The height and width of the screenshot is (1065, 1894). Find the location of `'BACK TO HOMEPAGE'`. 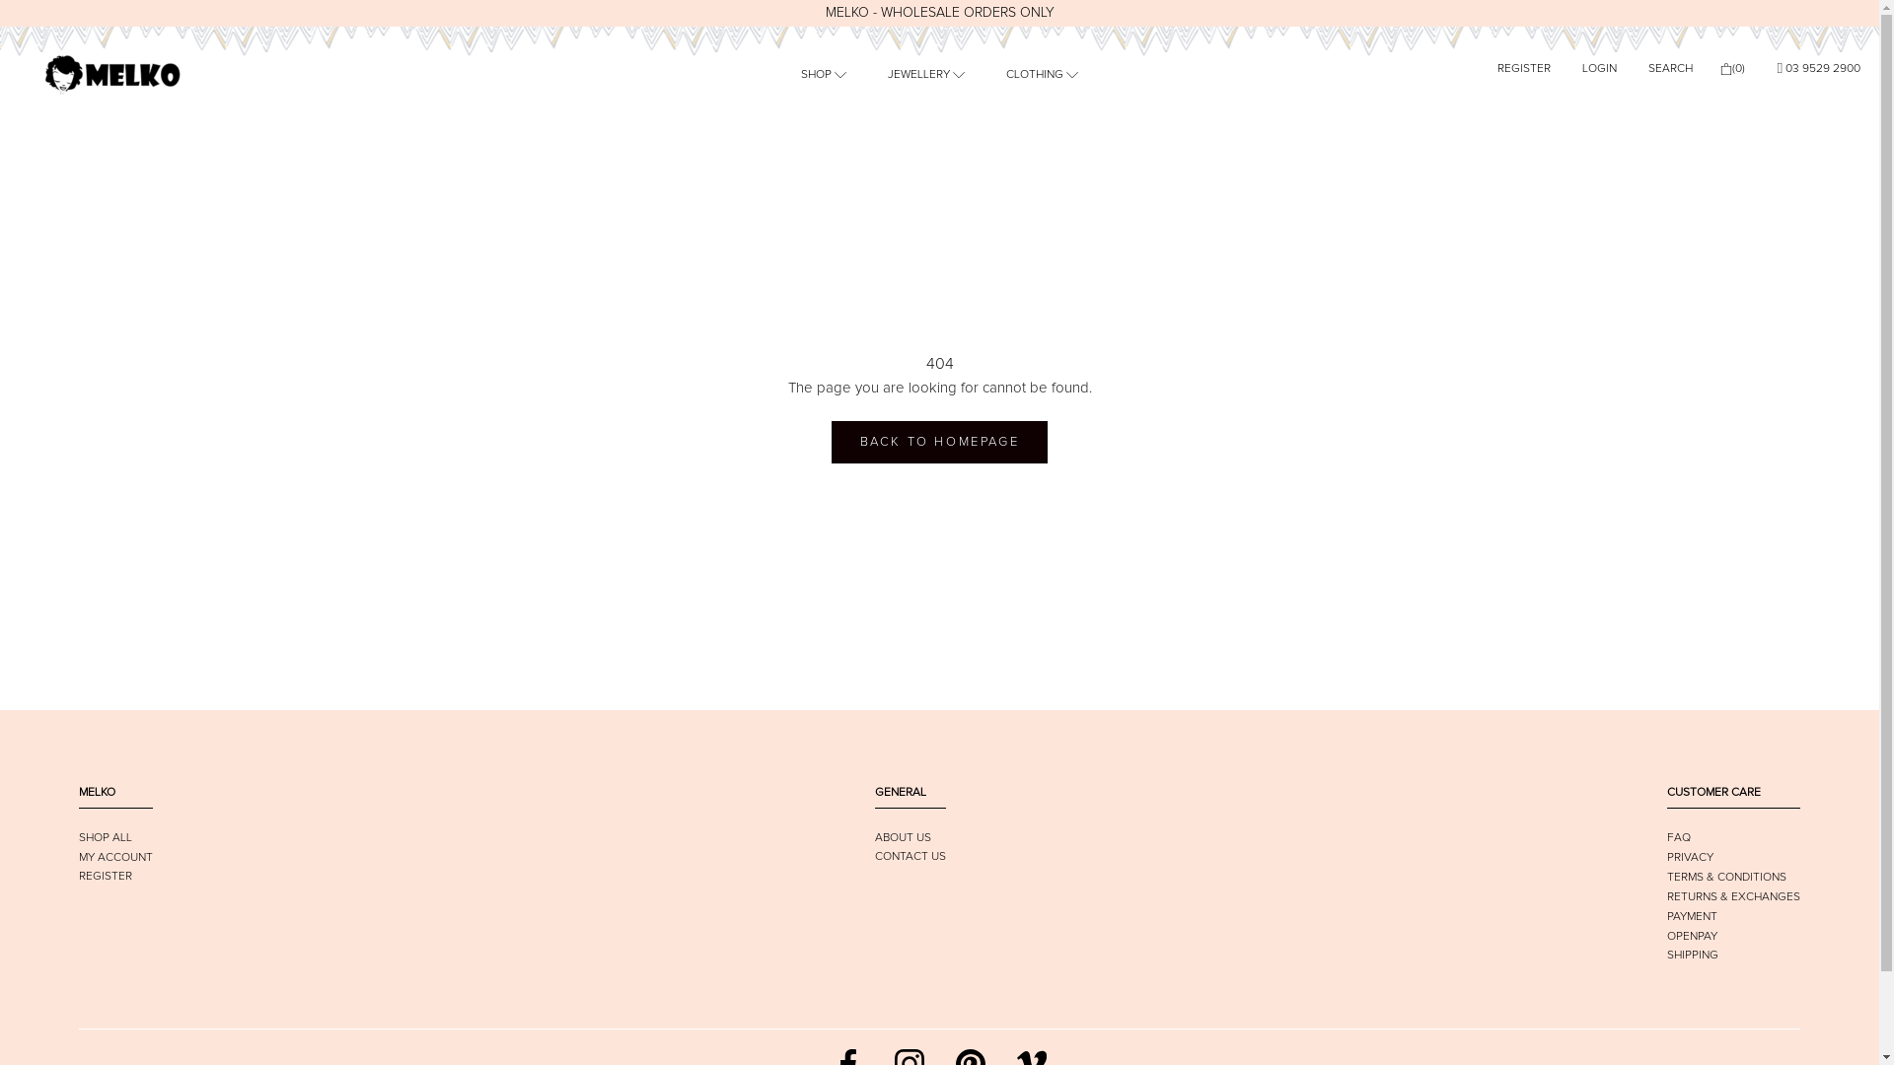

'BACK TO HOMEPAGE' is located at coordinates (939, 441).